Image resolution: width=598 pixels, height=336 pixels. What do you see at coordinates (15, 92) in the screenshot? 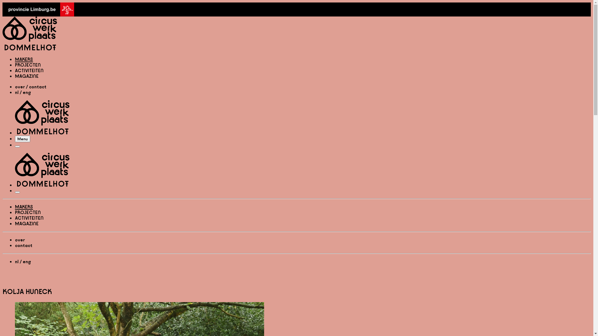
I see `'nl'` at bounding box center [15, 92].